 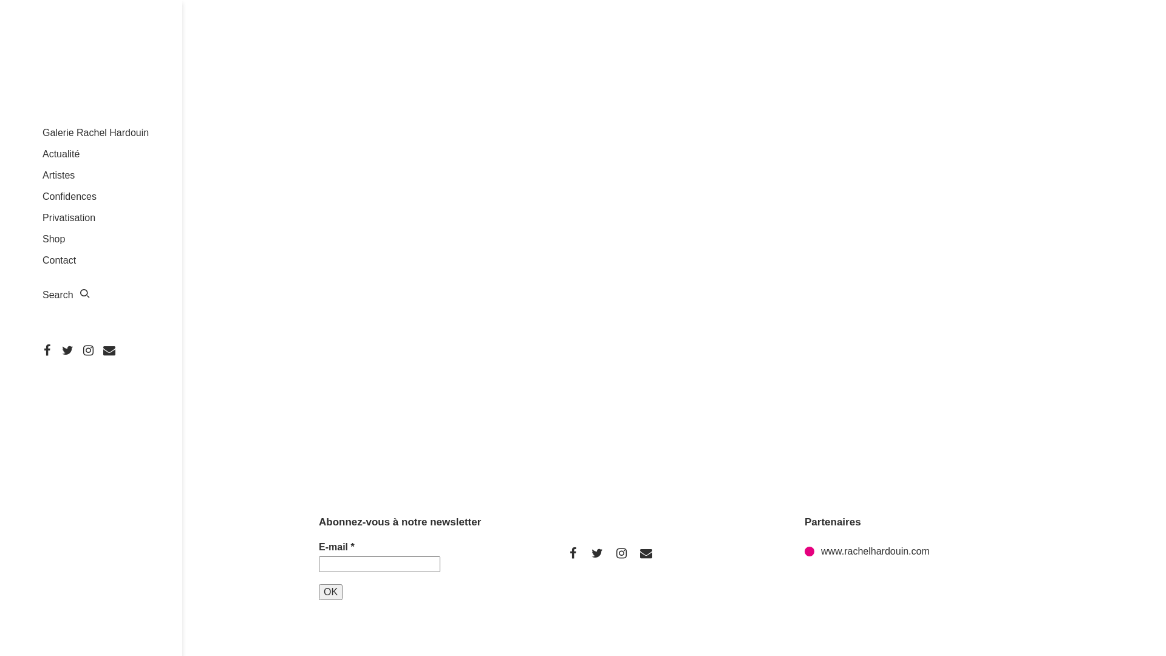 I want to click on 'www.rachelhardouin.com', so click(x=804, y=551).